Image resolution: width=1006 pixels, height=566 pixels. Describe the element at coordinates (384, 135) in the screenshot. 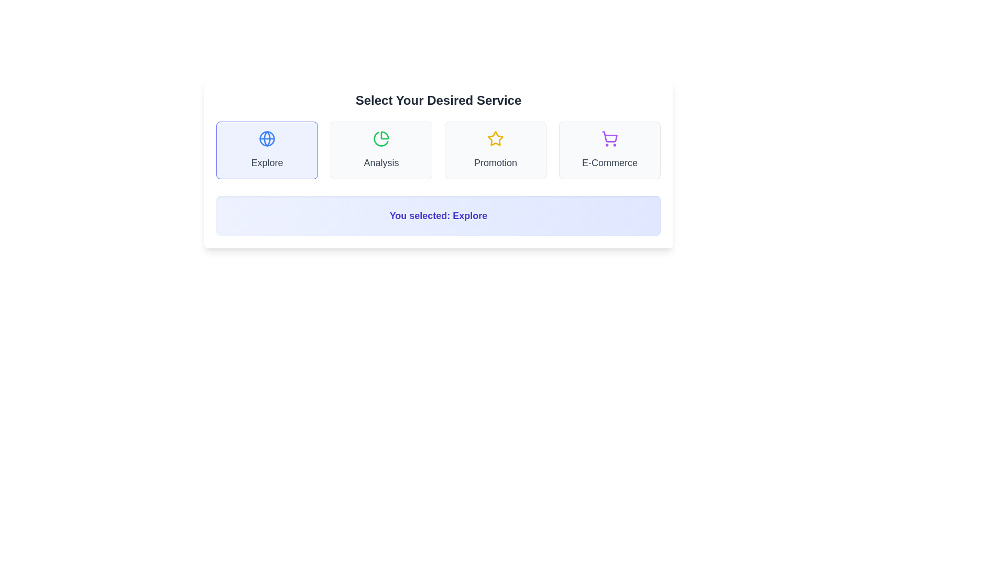

I see `the top-right segment of the pie chart icon, which is styled with a thin stroke and smooth curves in a green theme, representing the 'Analysis' section` at that location.